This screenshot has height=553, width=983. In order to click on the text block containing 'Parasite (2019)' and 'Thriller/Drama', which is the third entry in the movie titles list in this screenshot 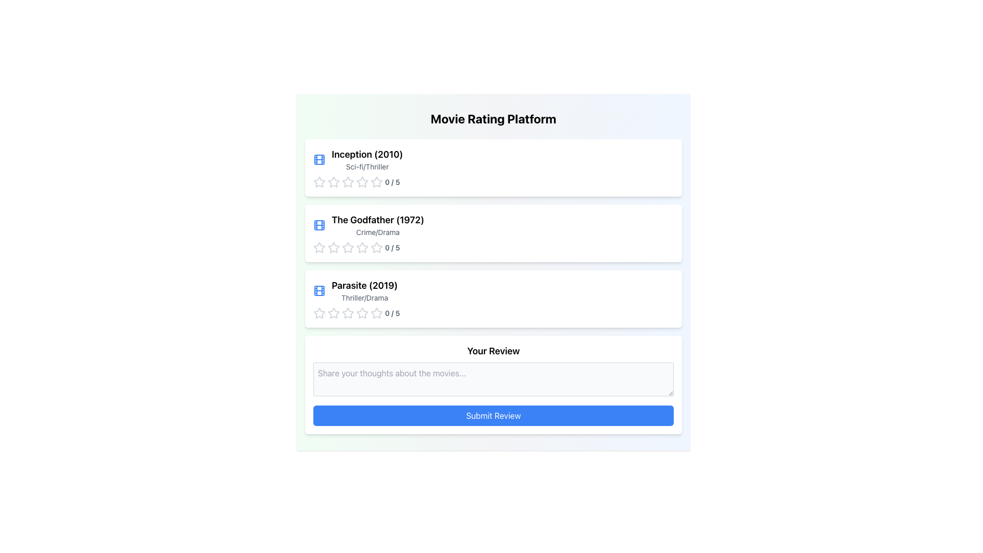, I will do `click(365, 290)`.